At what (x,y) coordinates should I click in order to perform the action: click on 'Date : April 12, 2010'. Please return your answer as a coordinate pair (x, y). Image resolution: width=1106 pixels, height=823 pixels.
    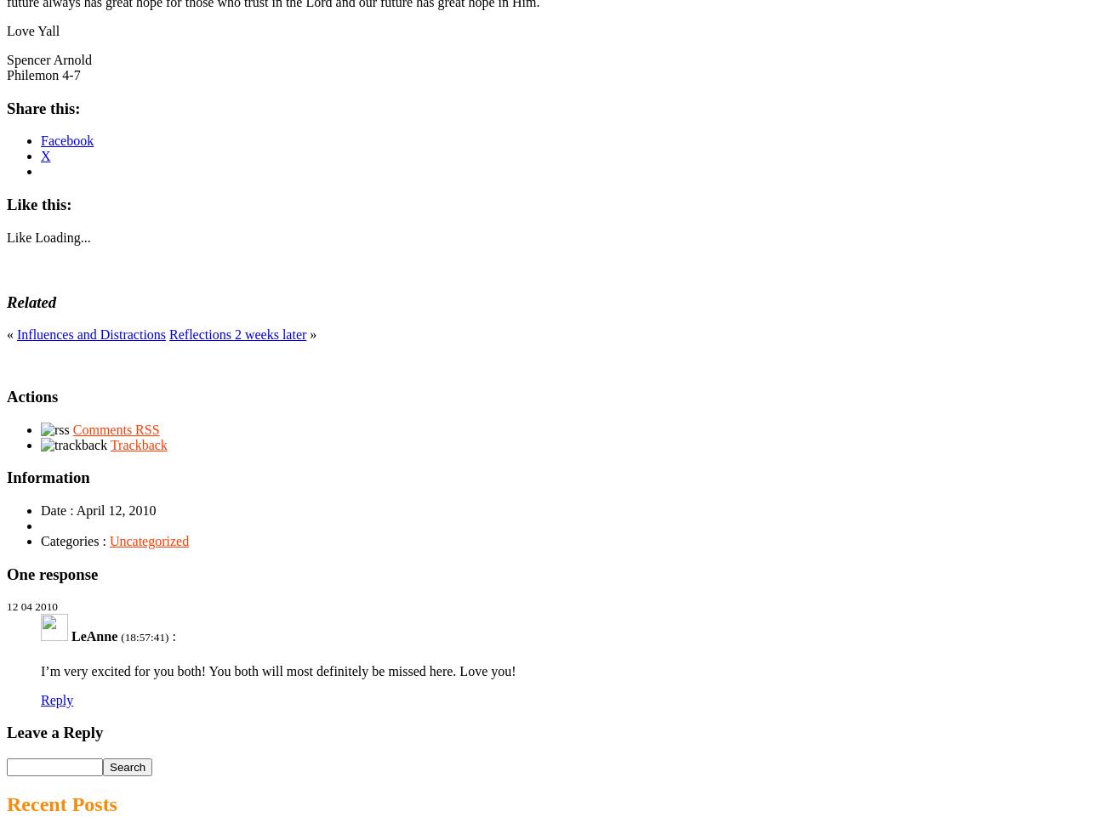
    Looking at the image, I should click on (97, 510).